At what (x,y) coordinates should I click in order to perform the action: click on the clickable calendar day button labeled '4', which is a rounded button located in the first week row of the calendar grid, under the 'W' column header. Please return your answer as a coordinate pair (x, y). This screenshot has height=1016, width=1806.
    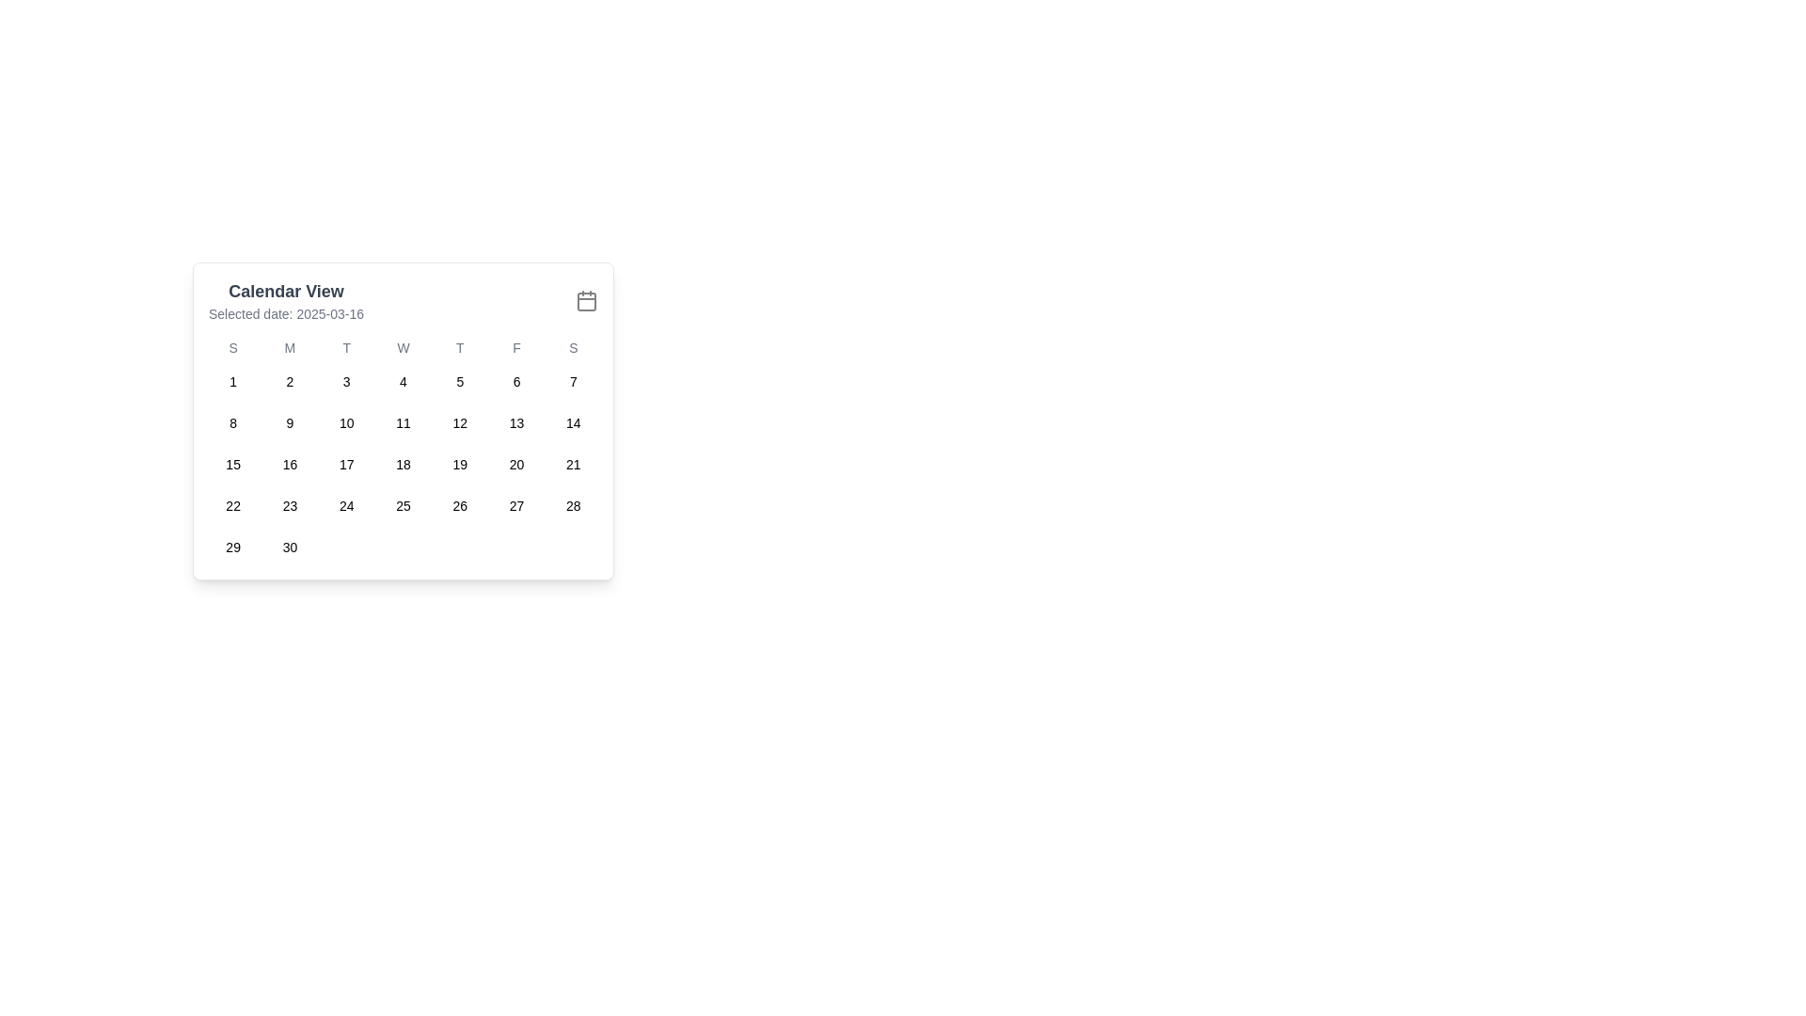
    Looking at the image, I should click on (402, 381).